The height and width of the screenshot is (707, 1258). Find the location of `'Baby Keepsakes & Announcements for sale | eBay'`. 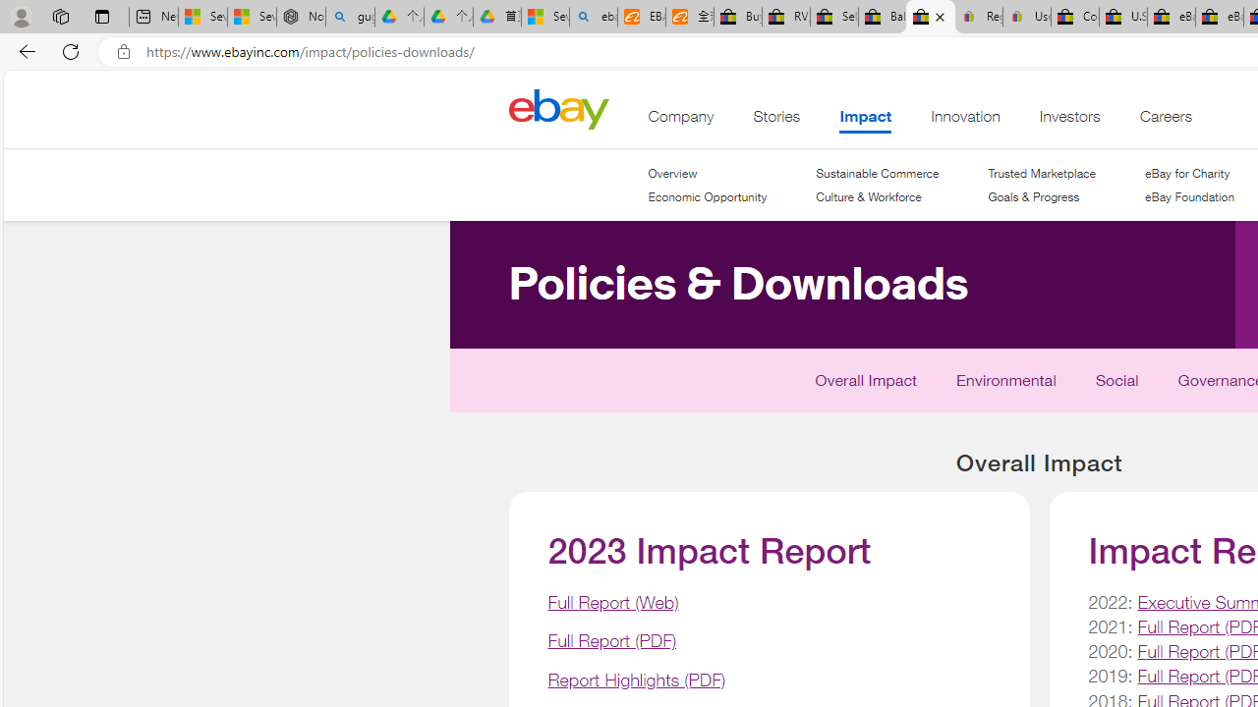

'Baby Keepsakes & Announcements for sale | eBay' is located at coordinates (881, 17).